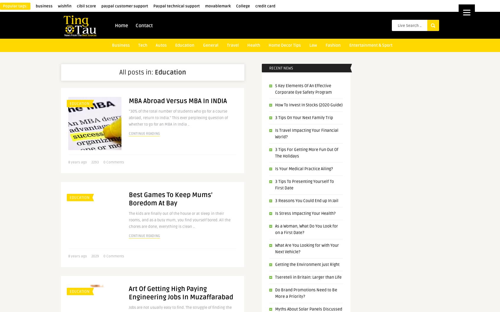  What do you see at coordinates (101, 6) in the screenshot?
I see `'paypal customer support'` at bounding box center [101, 6].